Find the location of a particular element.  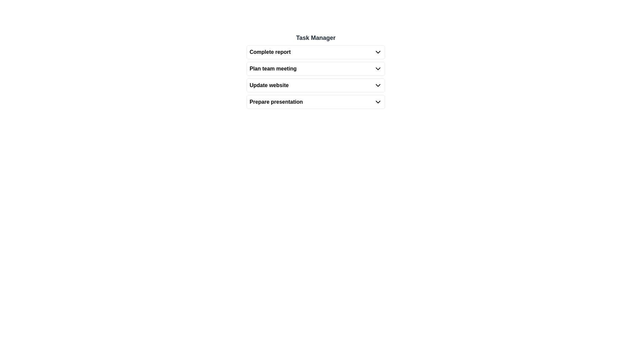

the first dropdown menu in the vertical list is located at coordinates (316, 52).